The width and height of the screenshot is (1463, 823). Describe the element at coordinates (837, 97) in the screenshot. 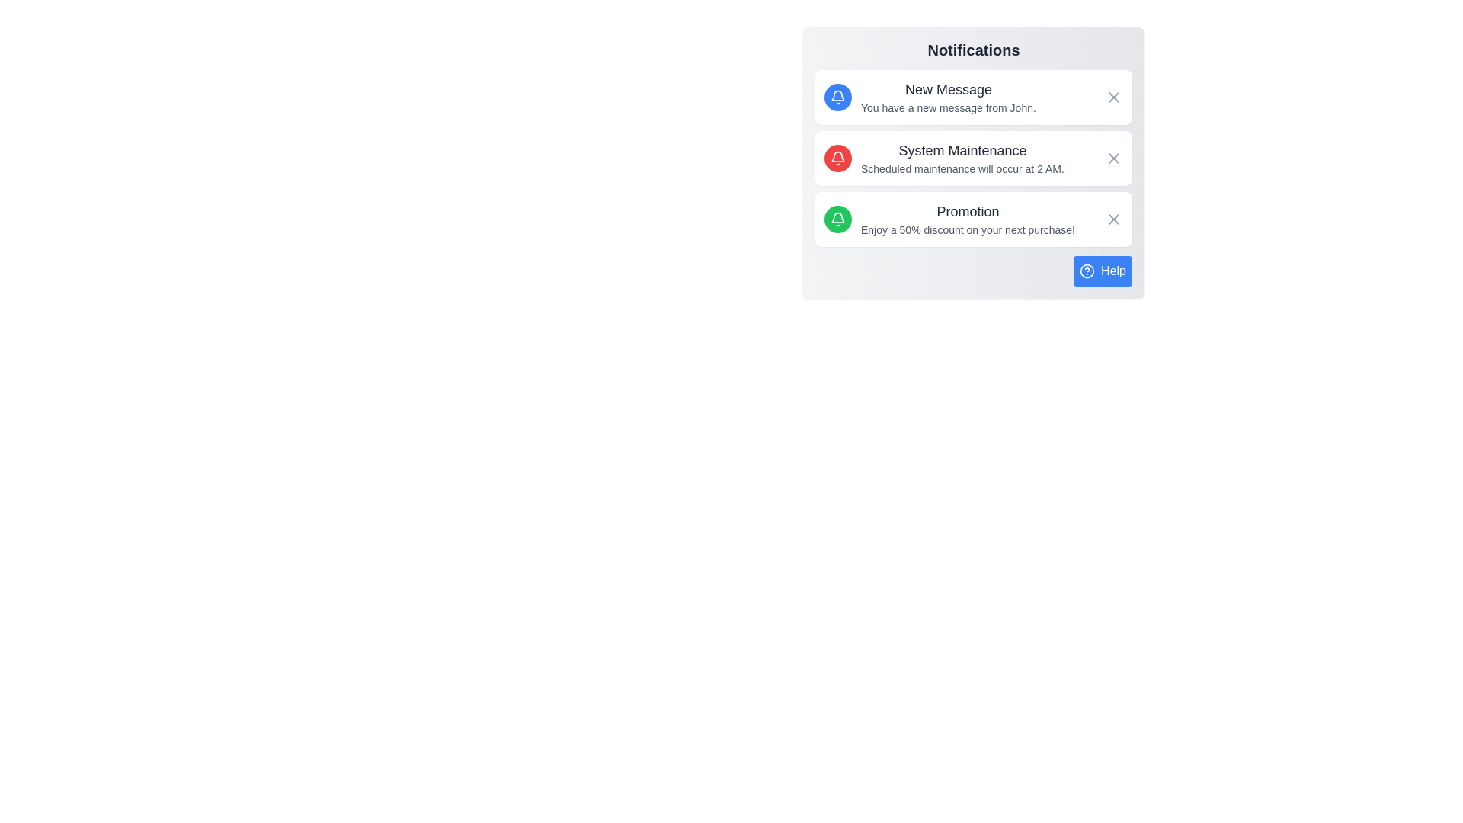

I see `the circular blue icon with a white bell symbol, which is positioned to the far left of the 'New Message' notification row` at that location.